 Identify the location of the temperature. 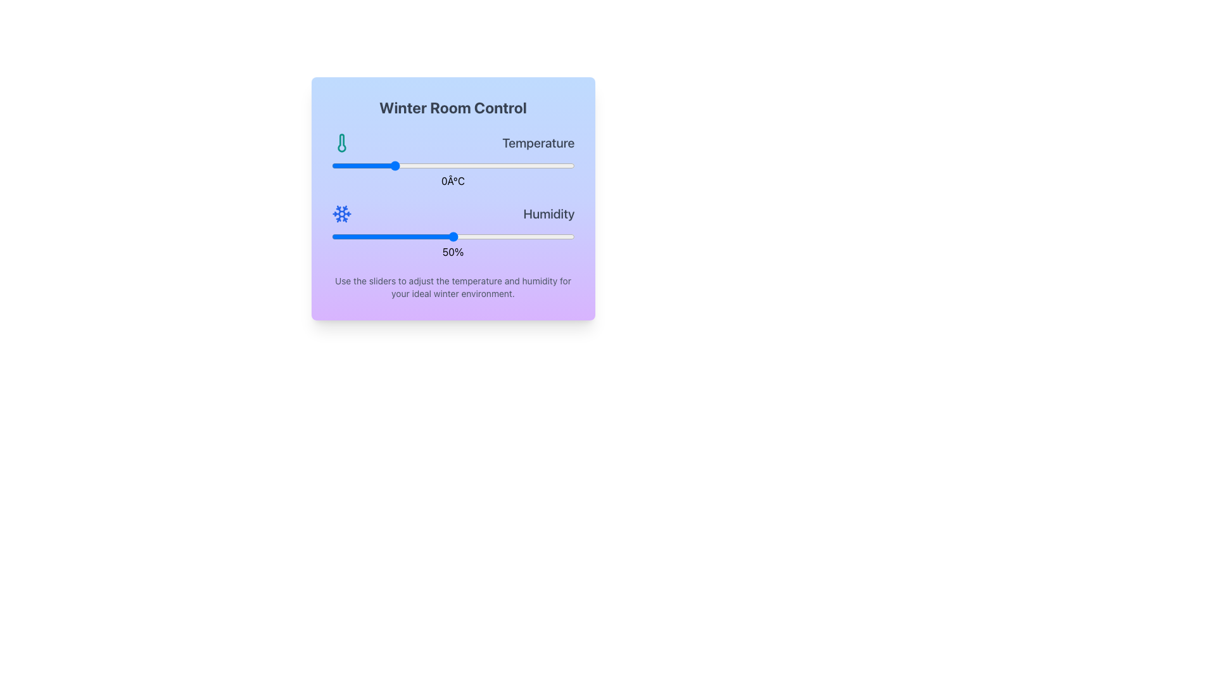
(464, 165).